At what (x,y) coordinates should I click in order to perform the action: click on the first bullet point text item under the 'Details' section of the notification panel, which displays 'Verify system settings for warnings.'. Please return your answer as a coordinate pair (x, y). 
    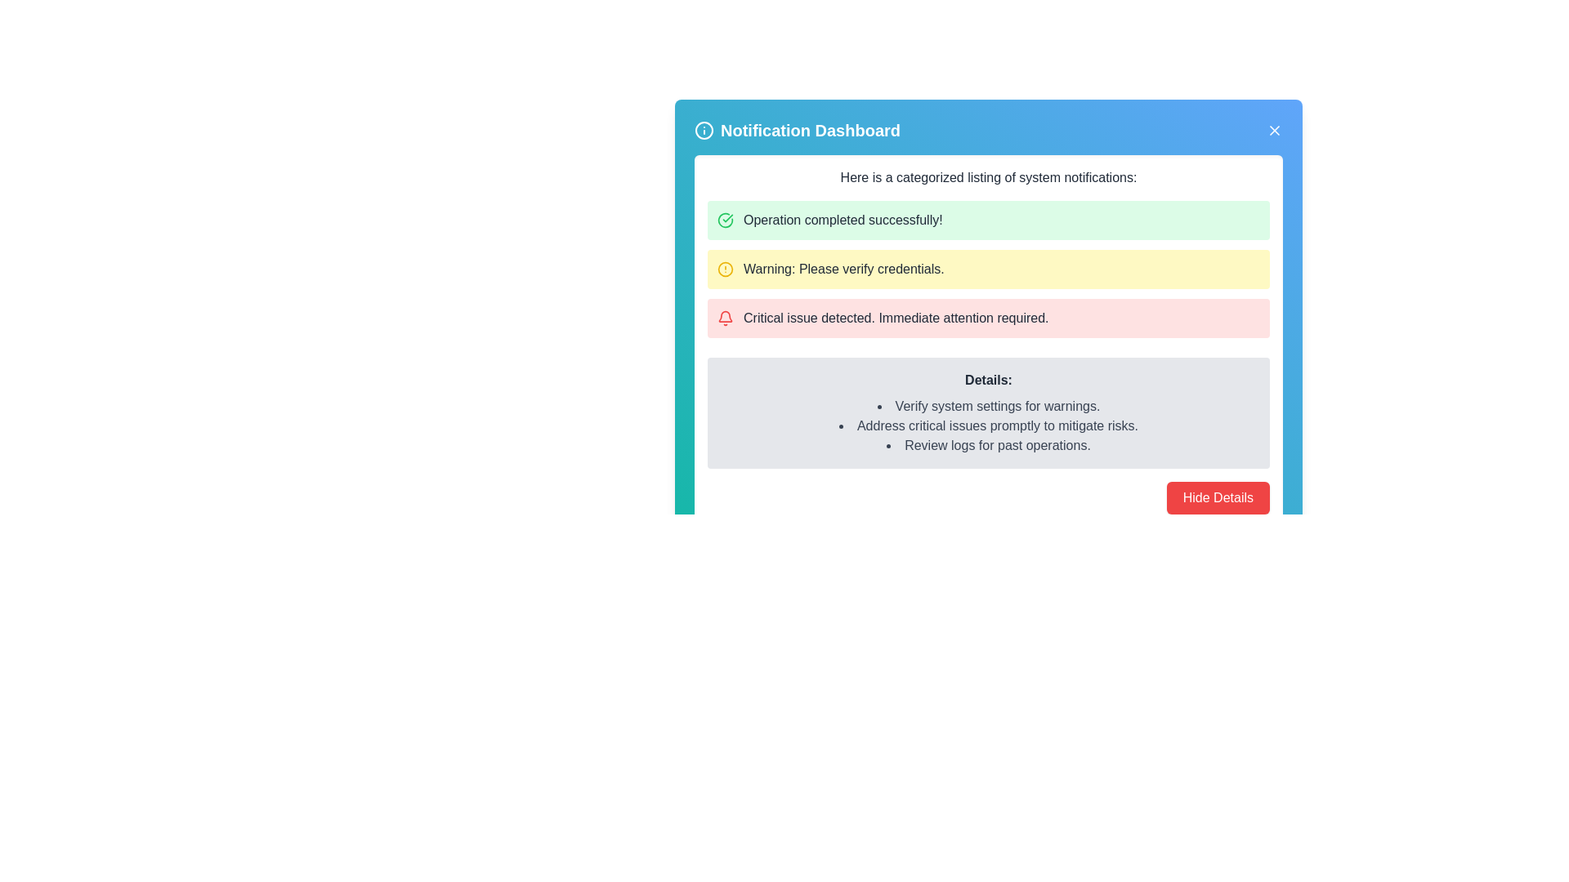
    Looking at the image, I should click on (987, 405).